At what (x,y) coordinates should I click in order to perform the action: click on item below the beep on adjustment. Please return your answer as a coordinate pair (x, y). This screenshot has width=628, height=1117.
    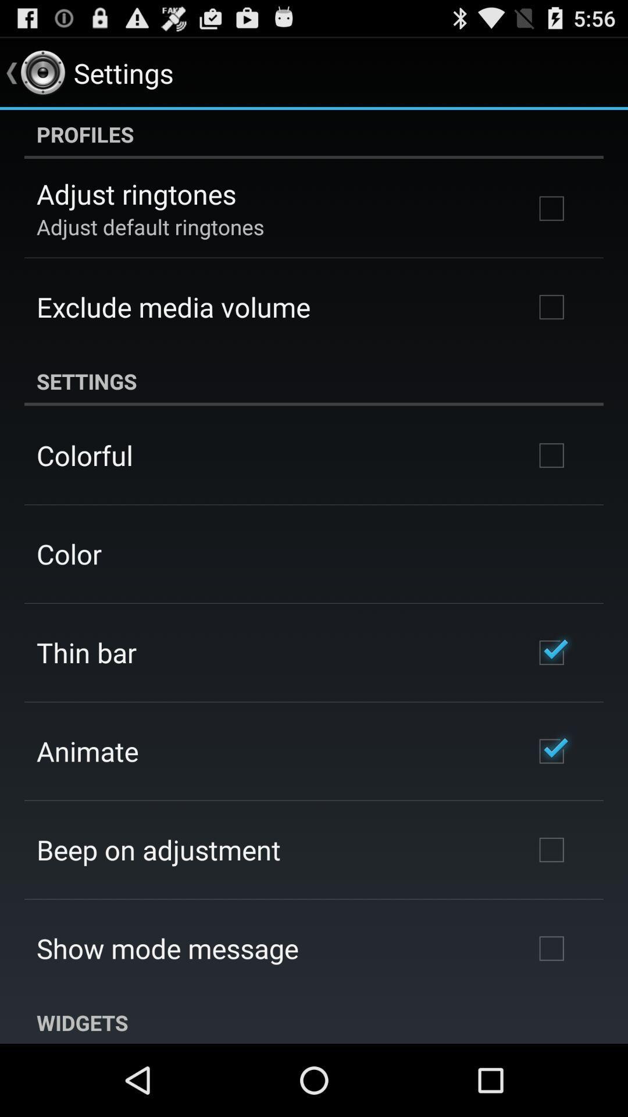
    Looking at the image, I should click on (167, 948).